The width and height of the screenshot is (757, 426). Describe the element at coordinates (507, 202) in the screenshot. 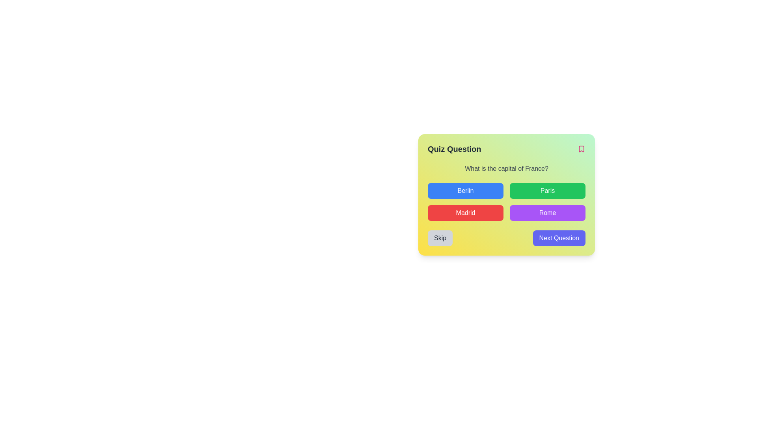

I see `the 'Madrid' button in the grid layout containing buttons for capital cities, which is centrally placed below the question 'What is the capital of France?'` at that location.